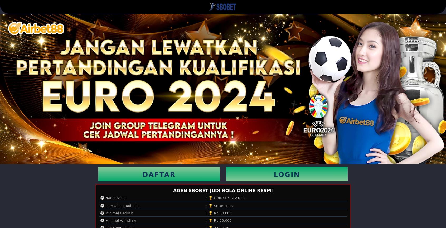 Image resolution: width=446 pixels, height=228 pixels. Describe the element at coordinates (226, 197) in the screenshot. I see `'🏆 GRIMSBY-TOWNFC'` at that location.